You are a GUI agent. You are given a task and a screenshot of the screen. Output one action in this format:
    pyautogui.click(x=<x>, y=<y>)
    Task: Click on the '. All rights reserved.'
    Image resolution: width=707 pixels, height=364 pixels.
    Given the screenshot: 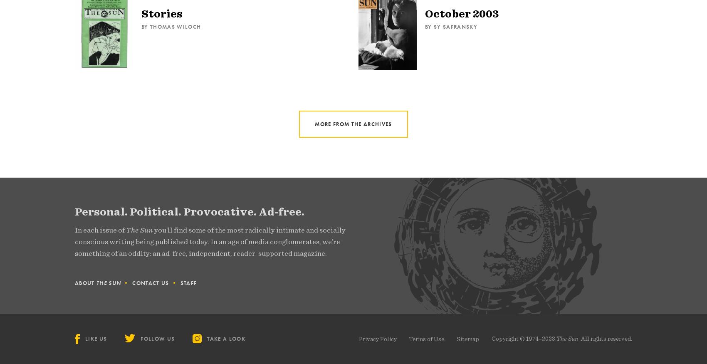 What is the action you would take?
    pyautogui.click(x=605, y=338)
    